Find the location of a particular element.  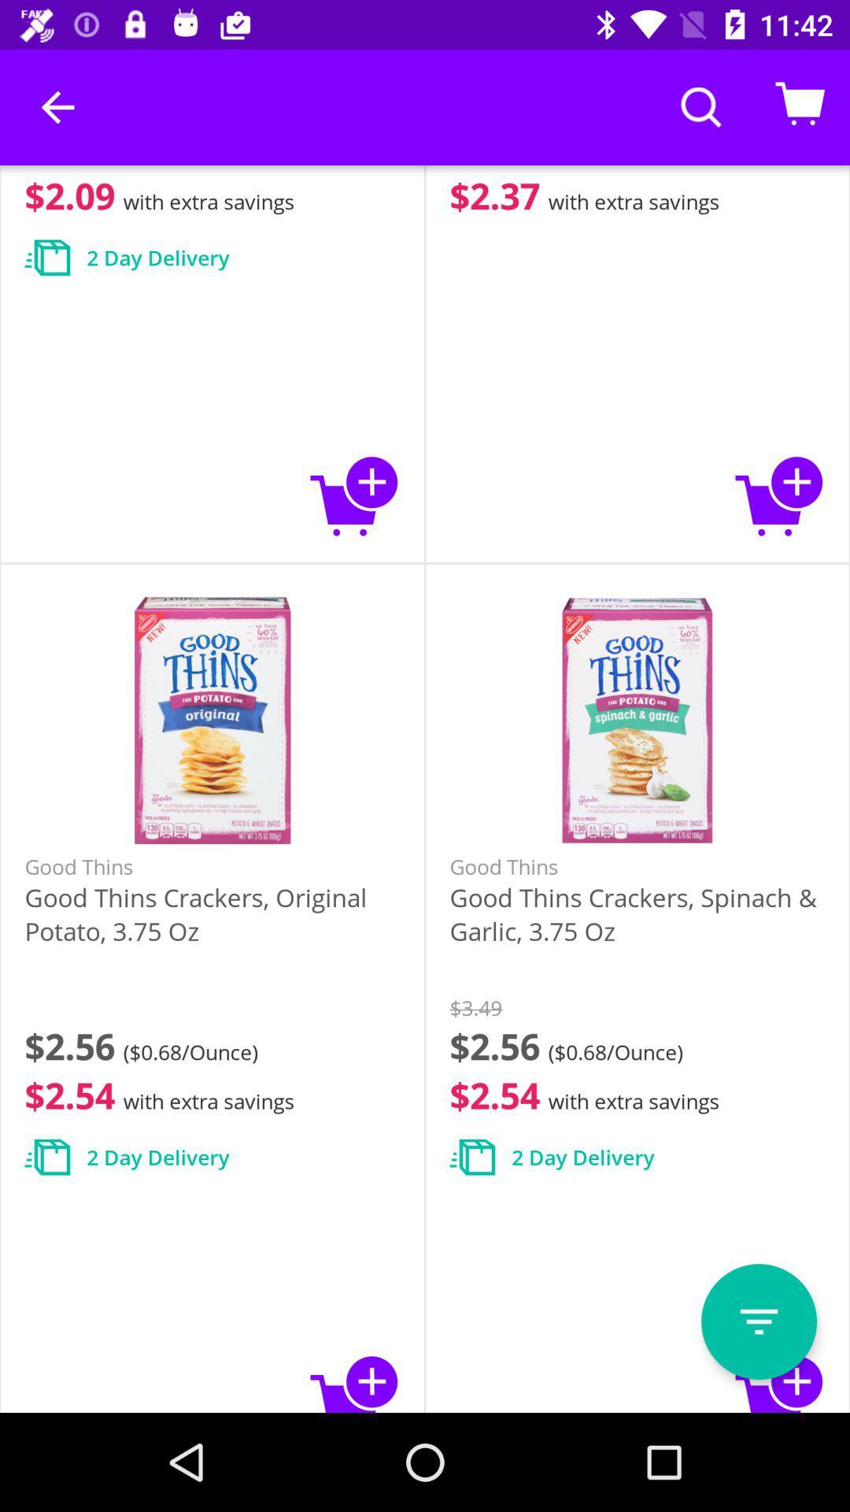

the filter_list icon is located at coordinates (758, 1321).